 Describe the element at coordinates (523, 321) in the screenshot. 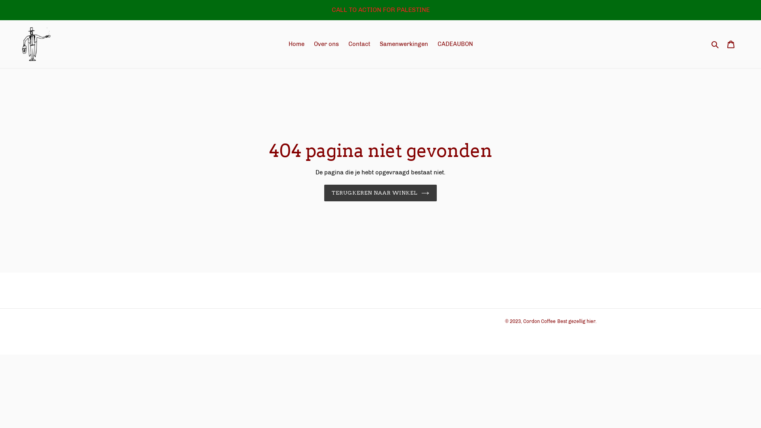

I see `'Cordon Coffee'` at that location.